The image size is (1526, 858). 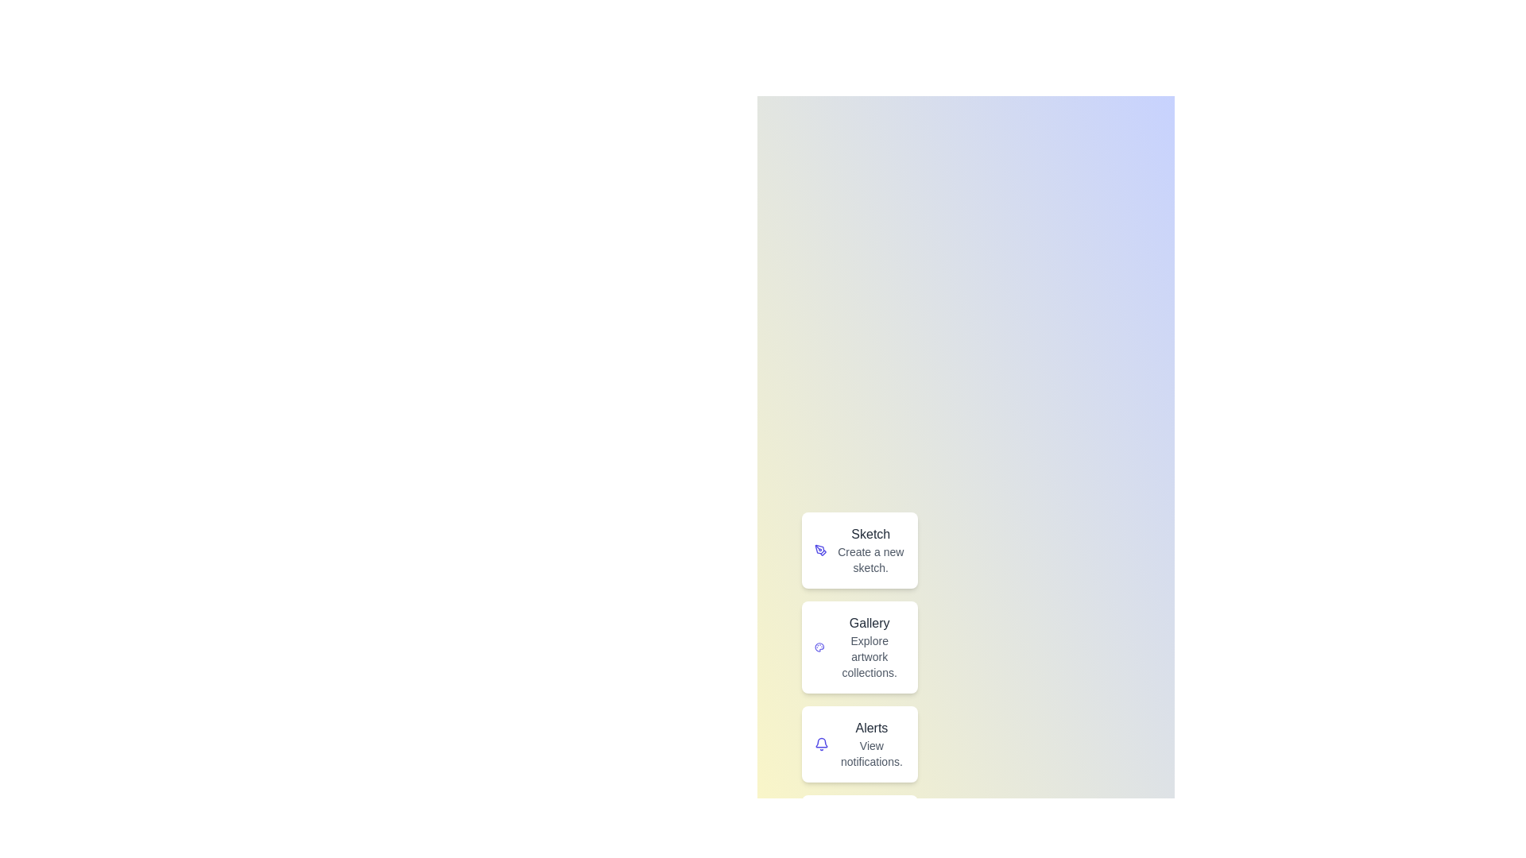 I want to click on the icon labeled 'Gallery' to inspect its visual feedback, so click(x=820, y=647).